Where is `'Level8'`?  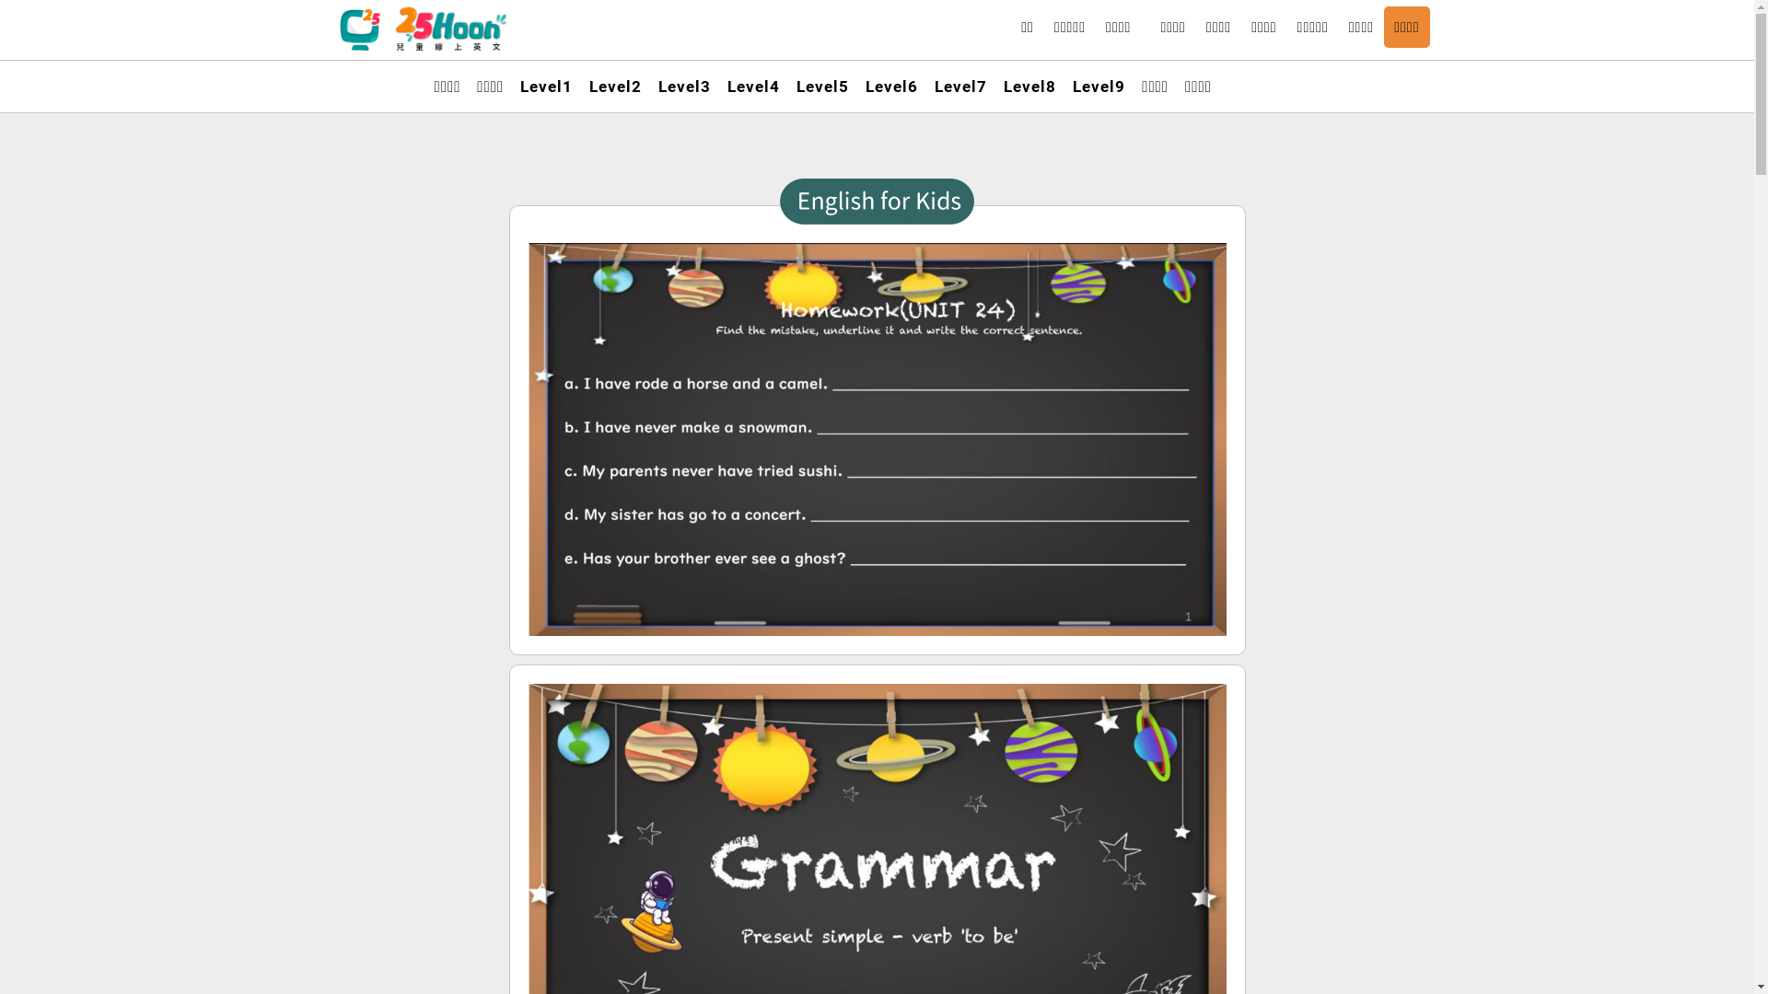 'Level8' is located at coordinates (1029, 86).